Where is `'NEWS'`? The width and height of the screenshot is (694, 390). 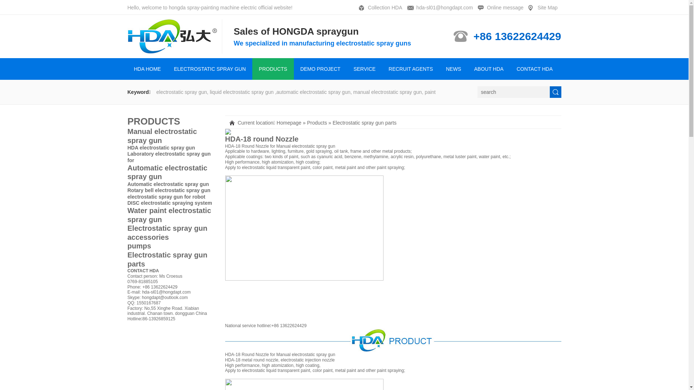
'NEWS' is located at coordinates (453, 69).